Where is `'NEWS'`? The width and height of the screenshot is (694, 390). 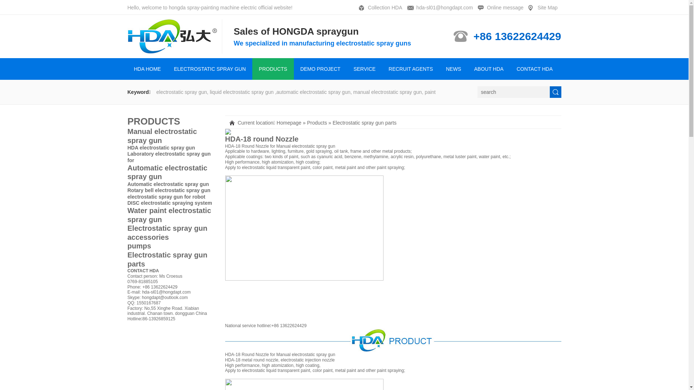
'NEWS' is located at coordinates (453, 69).